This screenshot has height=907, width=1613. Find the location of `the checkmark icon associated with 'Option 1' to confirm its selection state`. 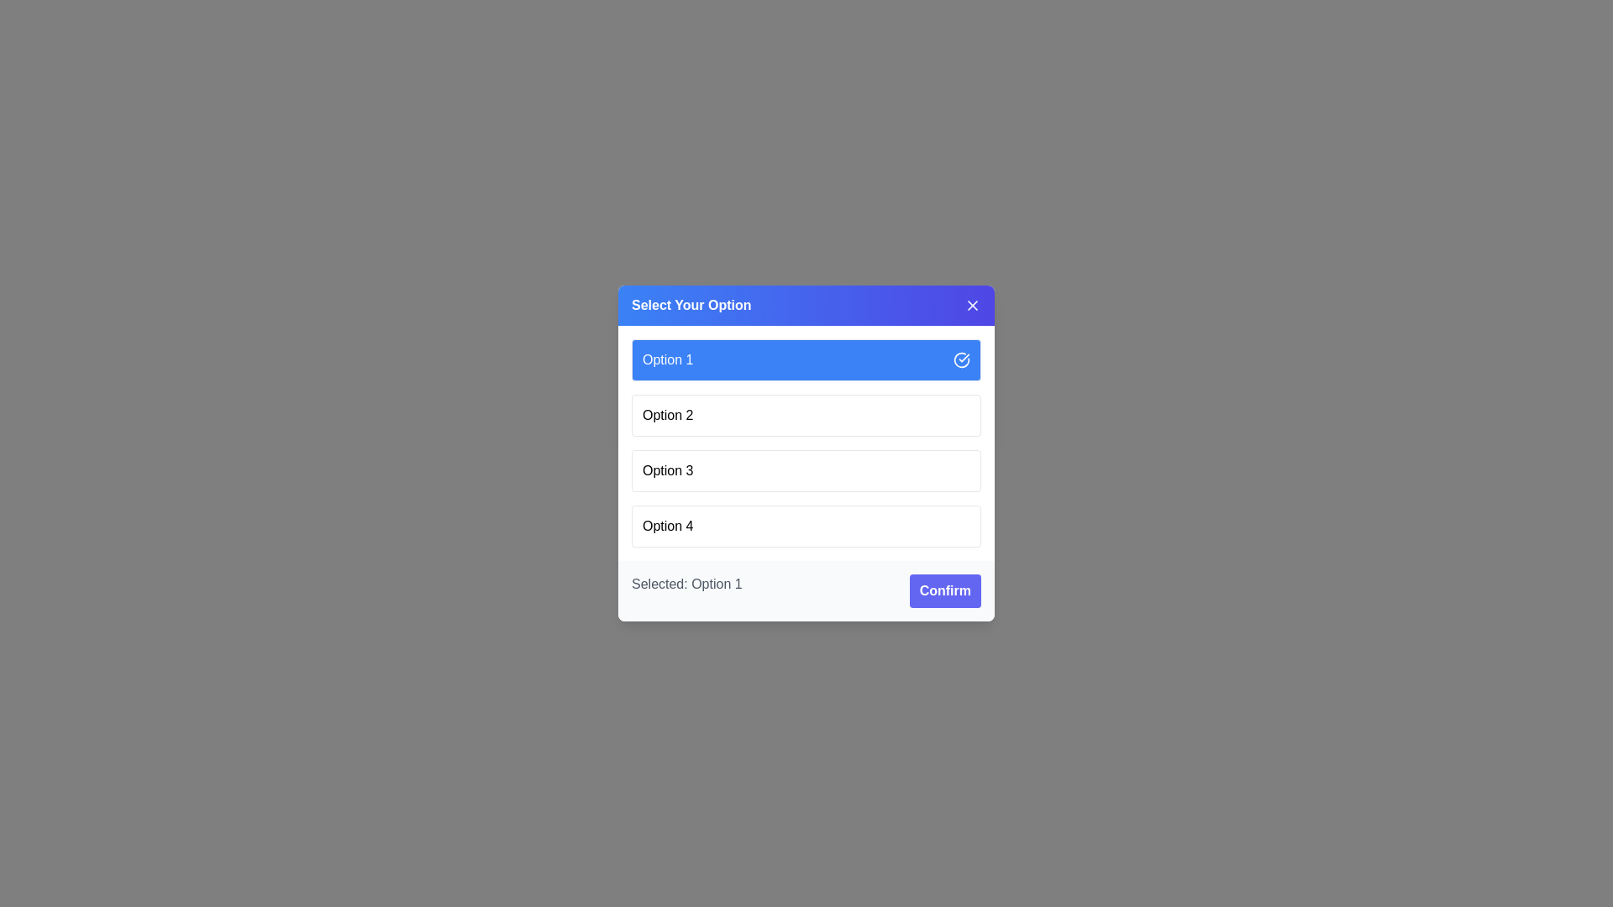

the checkmark icon associated with 'Option 1' to confirm its selection state is located at coordinates (962, 359).